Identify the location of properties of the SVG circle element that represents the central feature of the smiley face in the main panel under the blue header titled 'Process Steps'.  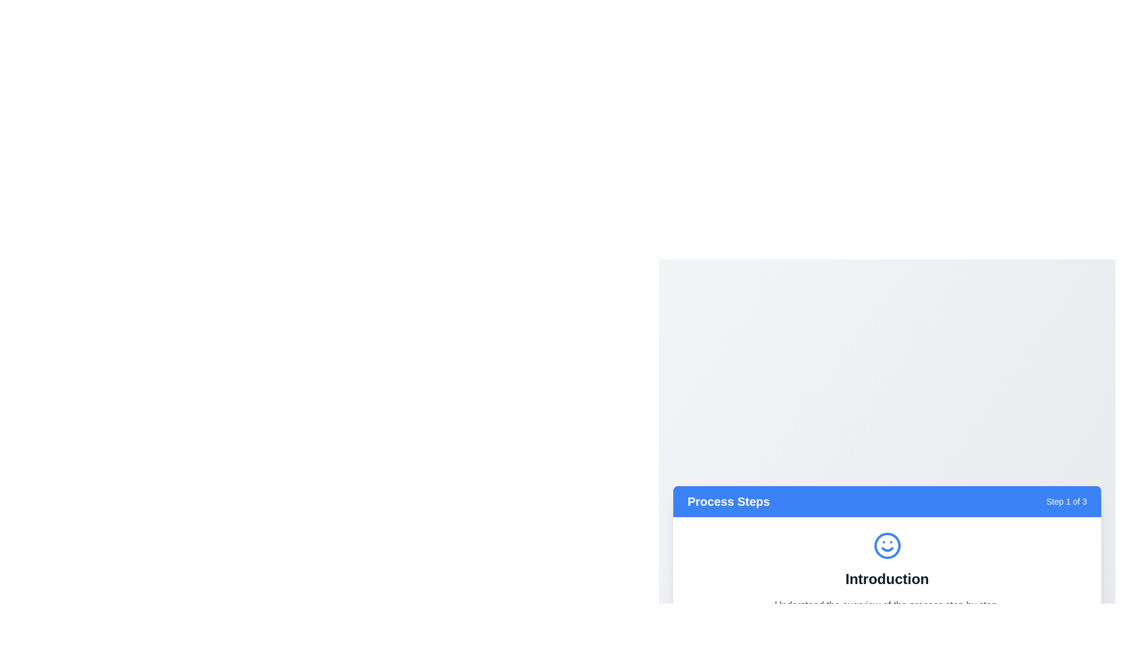
(887, 545).